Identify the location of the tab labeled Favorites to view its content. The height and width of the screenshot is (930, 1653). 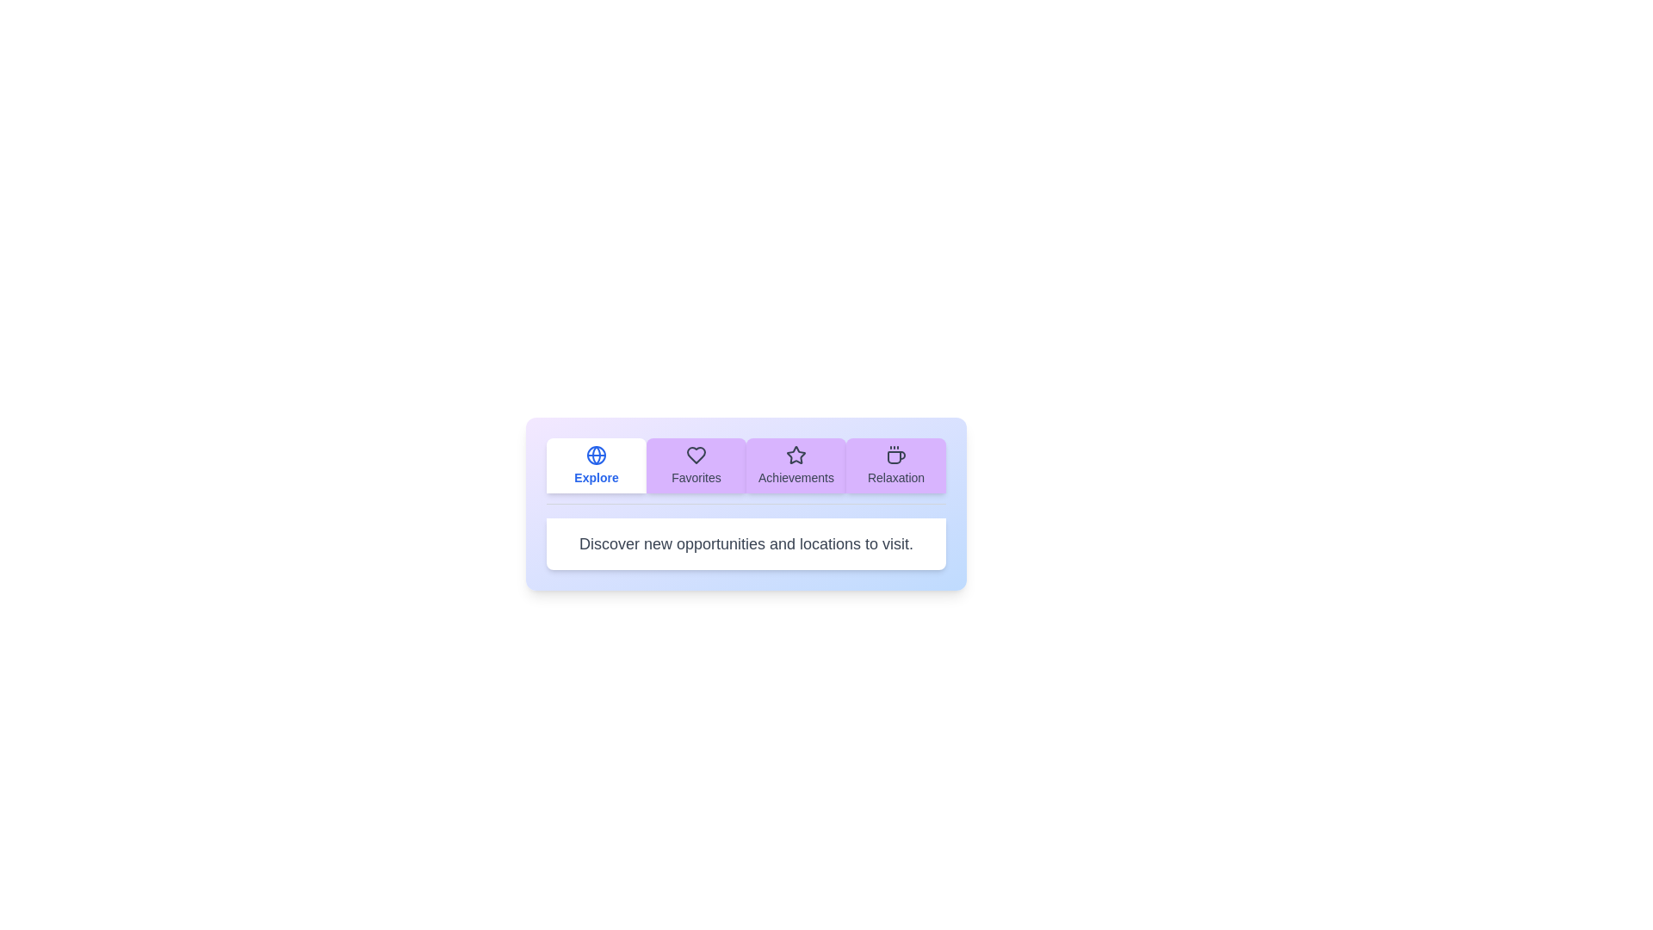
(696, 465).